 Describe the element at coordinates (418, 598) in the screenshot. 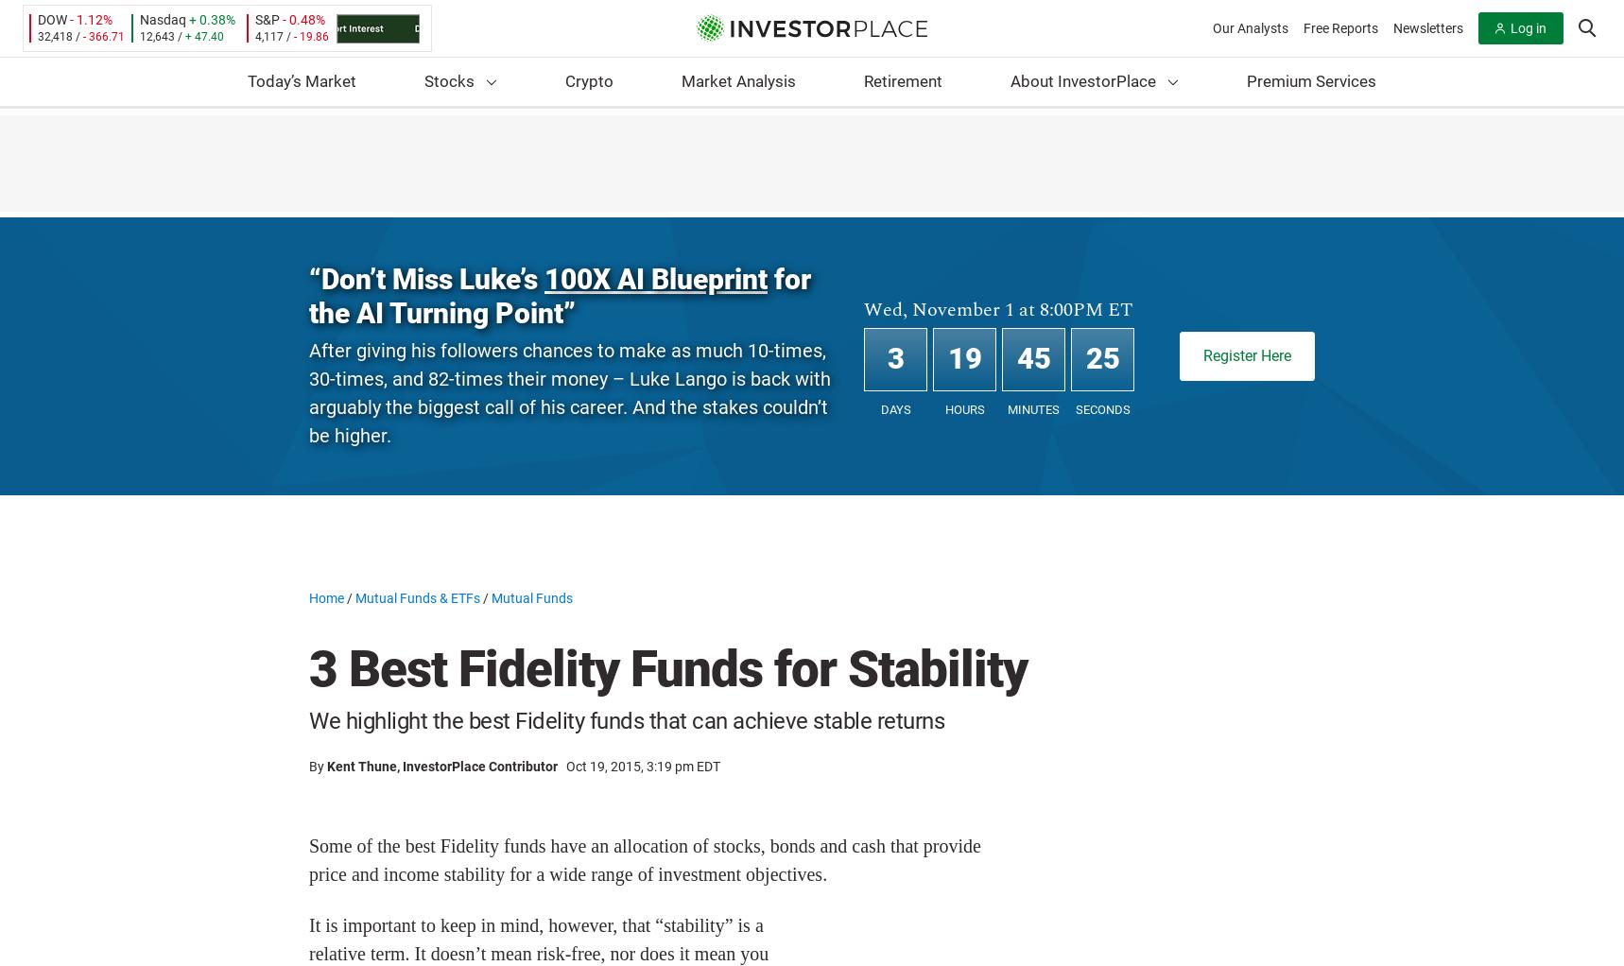

I see `'Mutual Funds & ETFs'` at that location.